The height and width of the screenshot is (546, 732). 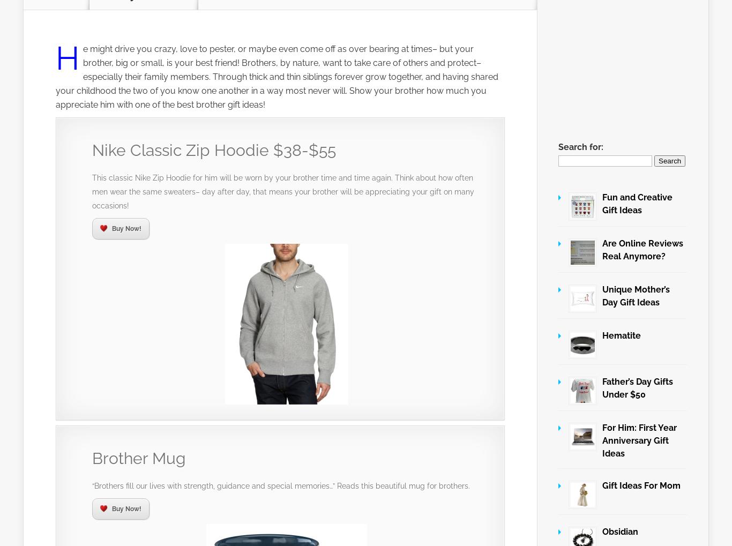 I want to click on '“Brothers fill our lives with strength, guidance and special memories…” Reads this beautiful mug for brothers.', so click(x=281, y=486).